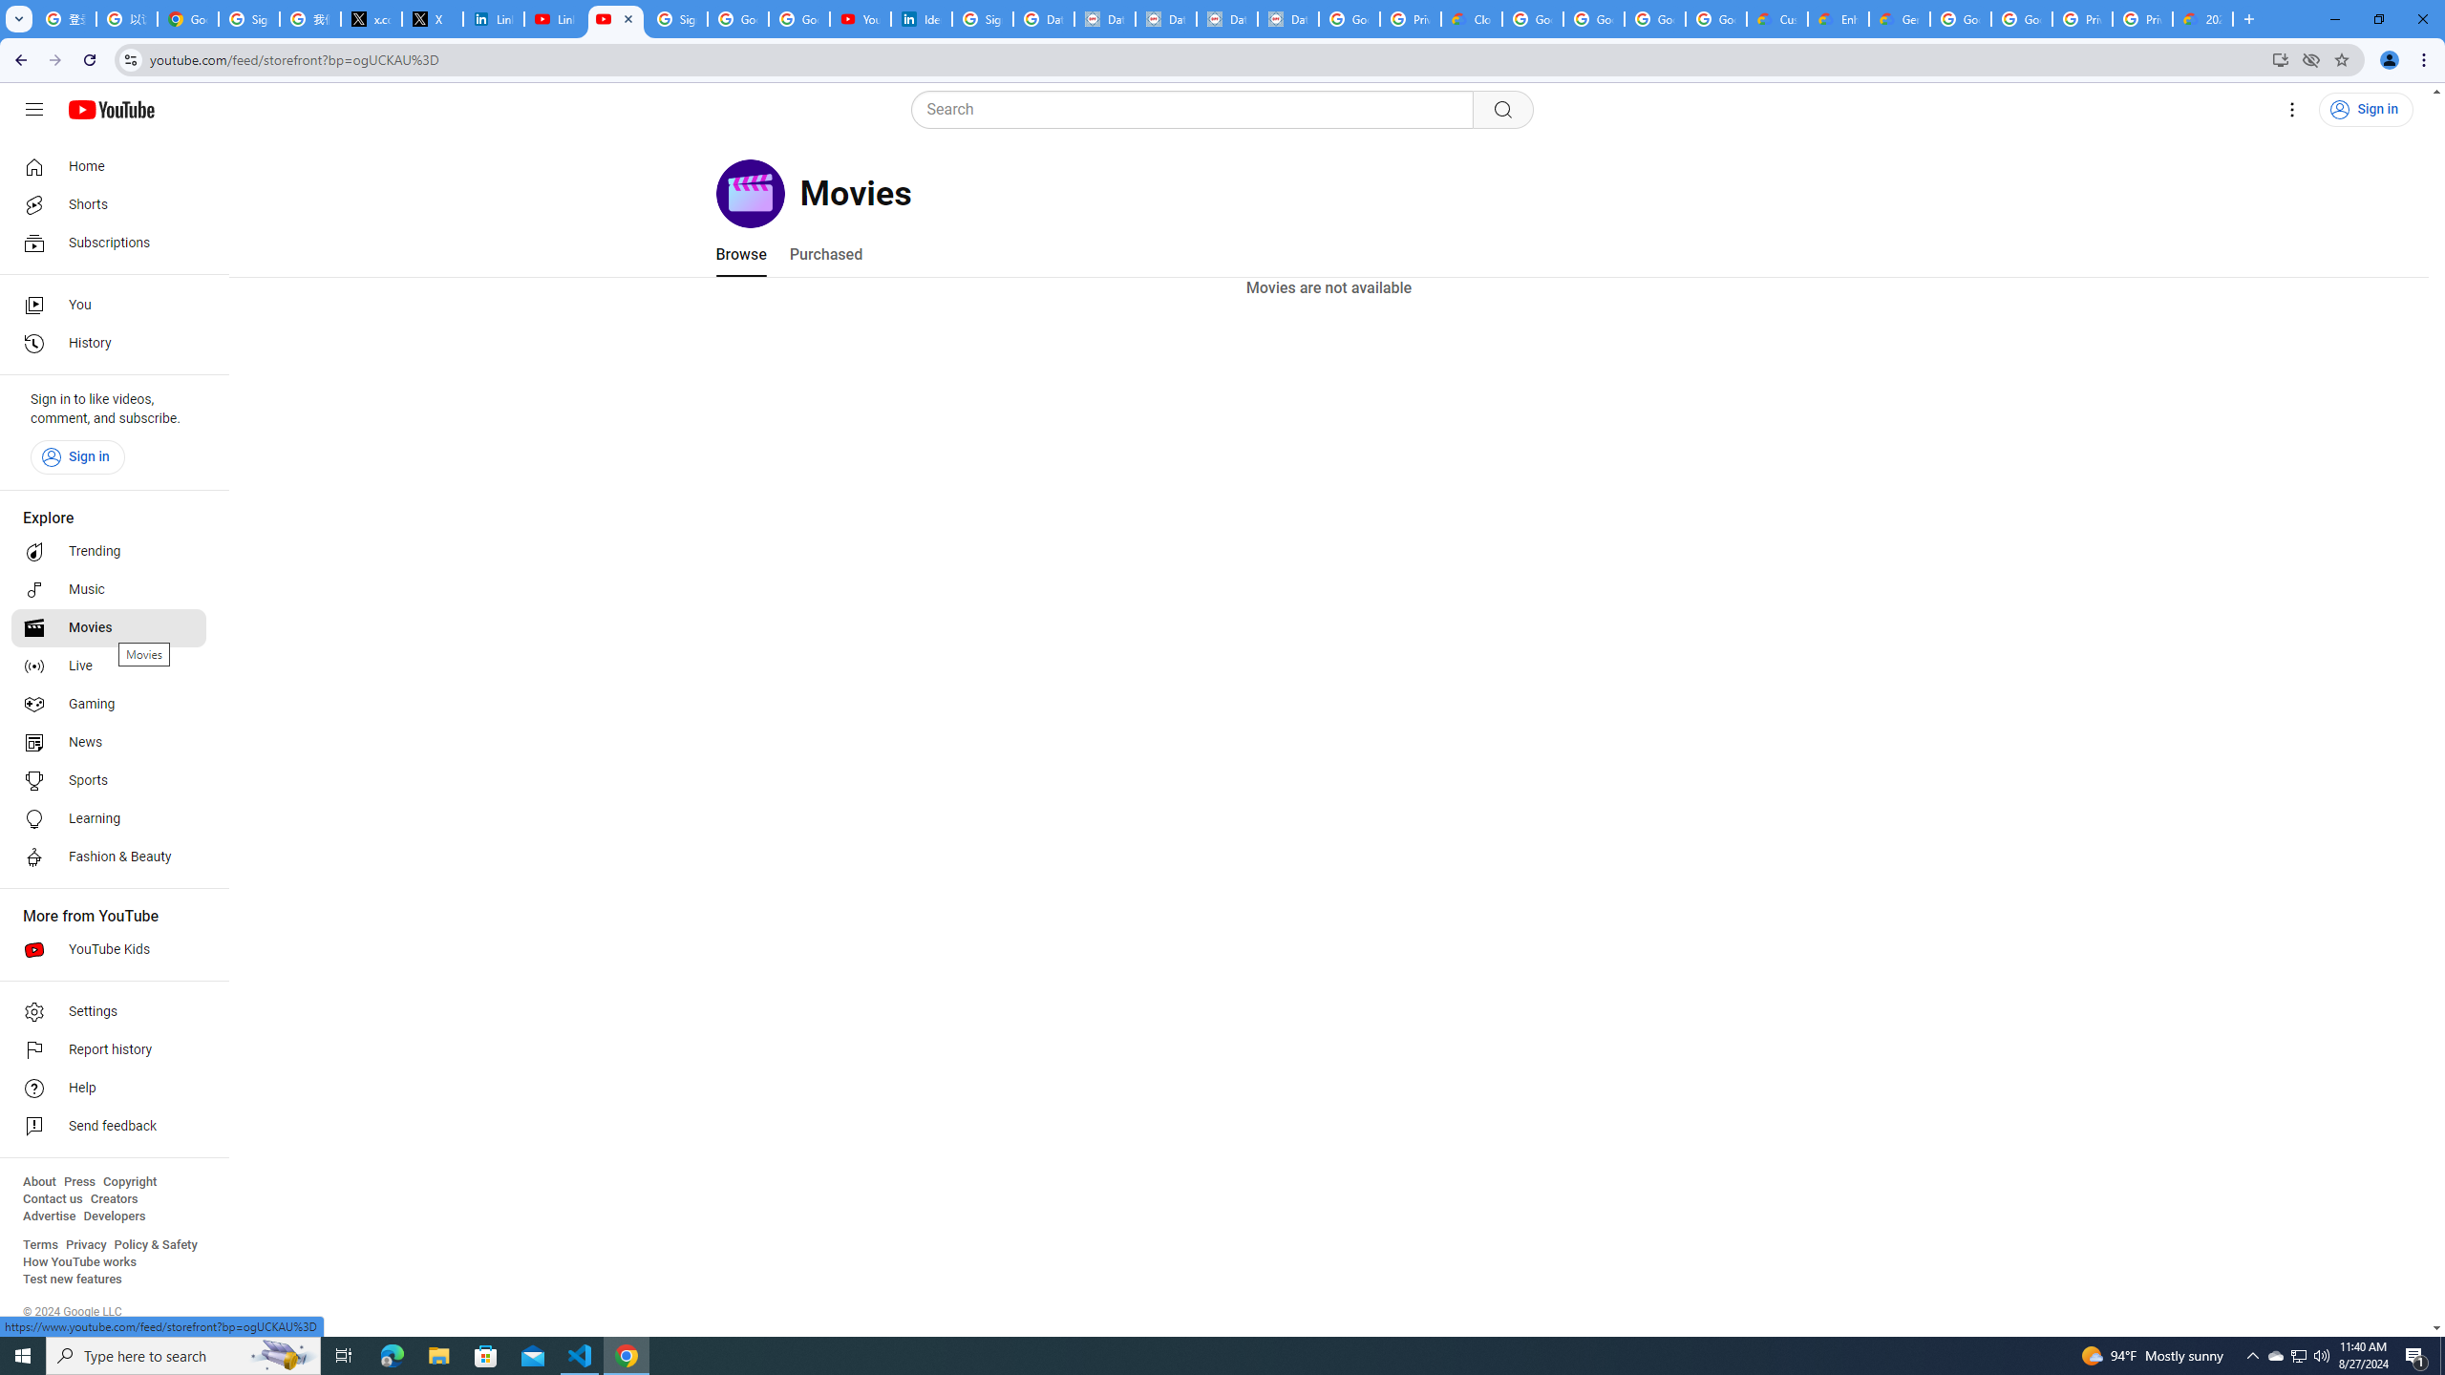  I want to click on 'News', so click(108, 742).